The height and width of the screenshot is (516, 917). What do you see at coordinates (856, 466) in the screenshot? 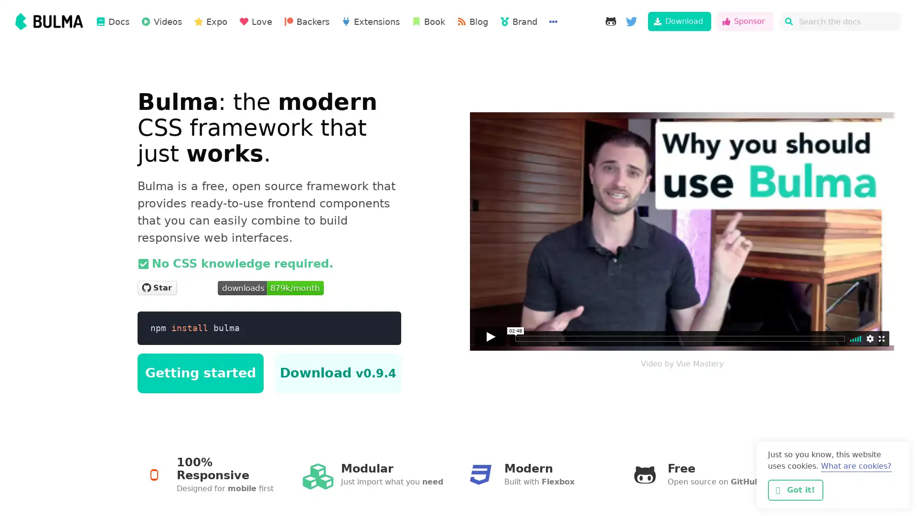
I see `learn more about cookies` at bounding box center [856, 466].